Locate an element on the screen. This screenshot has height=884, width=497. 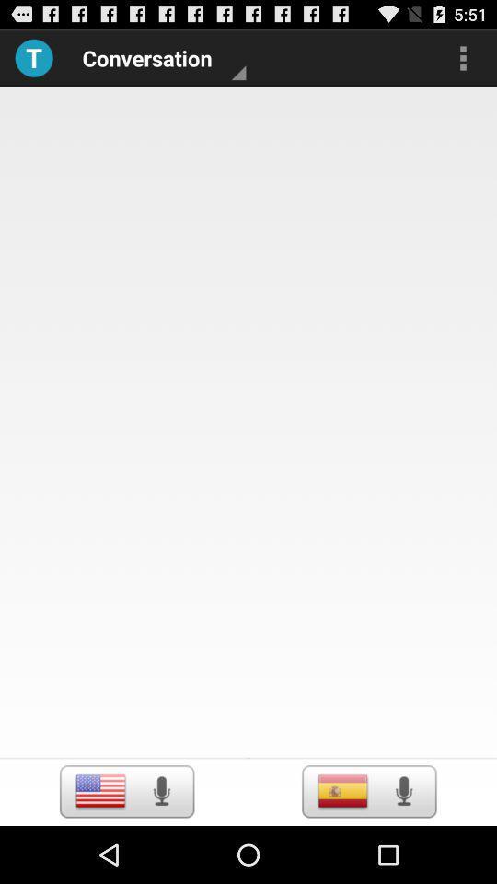
speaker button is located at coordinates (402, 790).